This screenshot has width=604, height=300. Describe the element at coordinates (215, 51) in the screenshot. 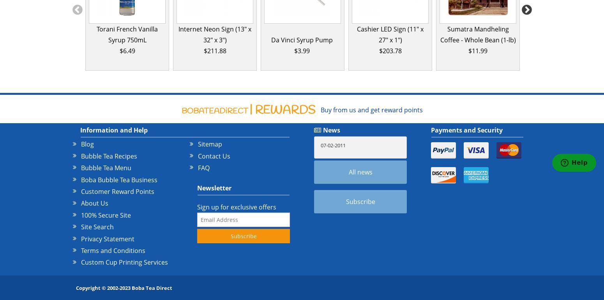

I see `'$211.88'` at that location.